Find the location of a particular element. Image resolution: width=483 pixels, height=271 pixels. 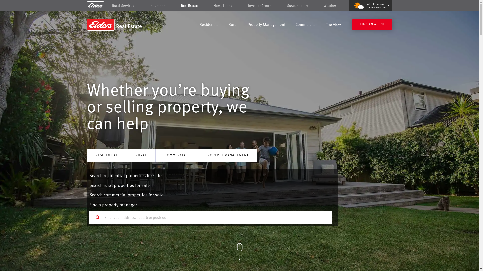

'Real Estate' is located at coordinates (189, 5).